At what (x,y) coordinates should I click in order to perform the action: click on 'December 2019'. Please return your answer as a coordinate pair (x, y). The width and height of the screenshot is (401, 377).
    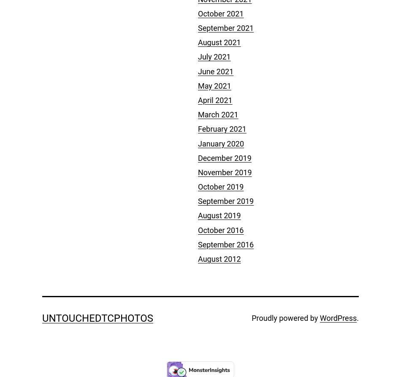
    Looking at the image, I should click on (225, 157).